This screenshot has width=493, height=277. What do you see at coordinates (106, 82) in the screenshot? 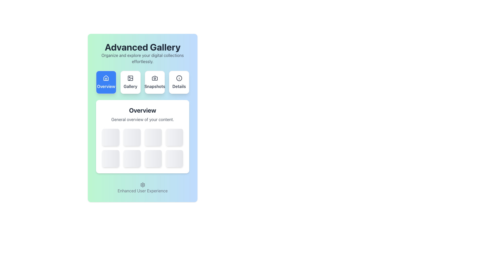
I see `the leftmost button in the row of four buttons` at bounding box center [106, 82].